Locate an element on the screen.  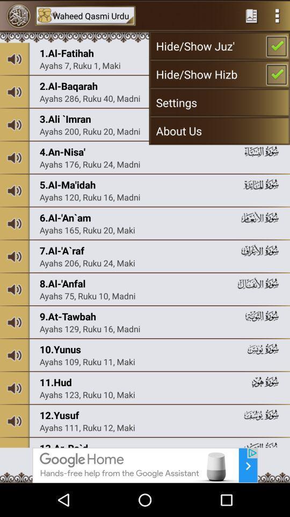
the bookmark icon is located at coordinates (251, 16).